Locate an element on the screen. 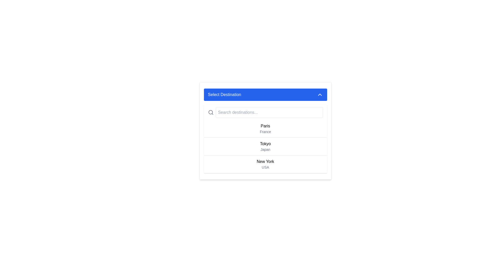 The width and height of the screenshot is (495, 278). the dropdown list item labeled 'Paris' with a subtitle 'France' is located at coordinates (265, 128).